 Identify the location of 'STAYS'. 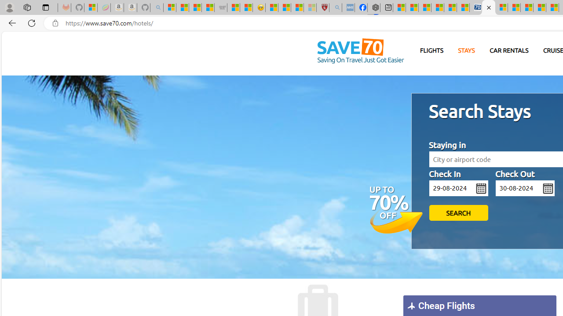
(466, 50).